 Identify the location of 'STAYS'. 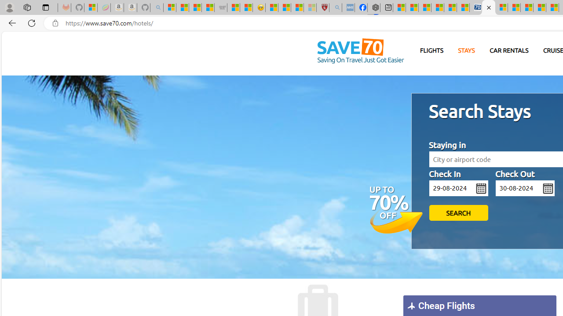
(466, 50).